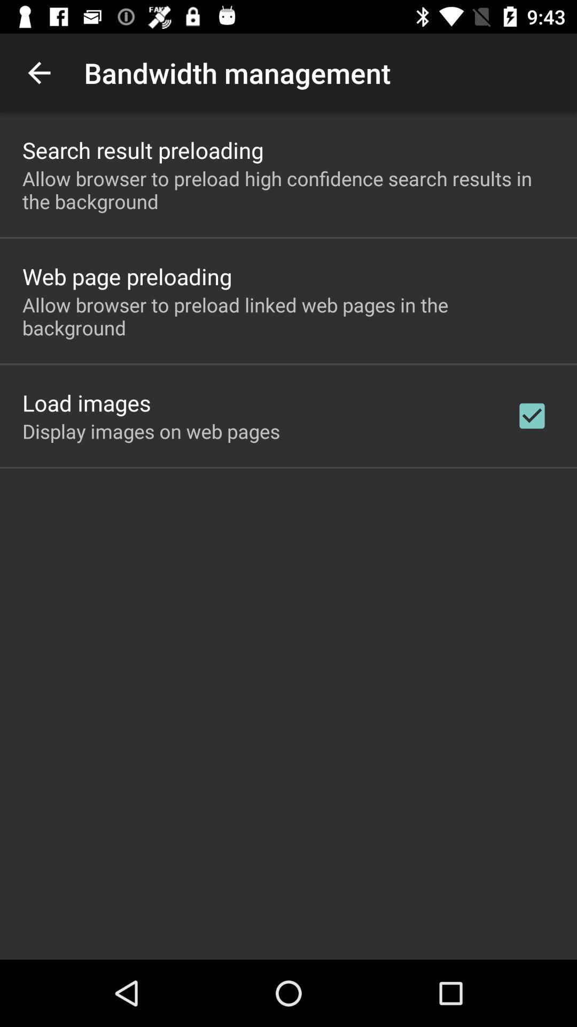 Image resolution: width=577 pixels, height=1027 pixels. What do you see at coordinates (38, 72) in the screenshot?
I see `icon next to bandwidth management app` at bounding box center [38, 72].